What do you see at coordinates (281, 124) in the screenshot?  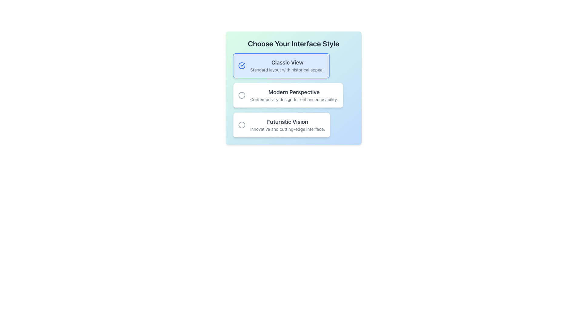 I see `the third radio button option labeled 'Futuristic Vision'` at bounding box center [281, 124].